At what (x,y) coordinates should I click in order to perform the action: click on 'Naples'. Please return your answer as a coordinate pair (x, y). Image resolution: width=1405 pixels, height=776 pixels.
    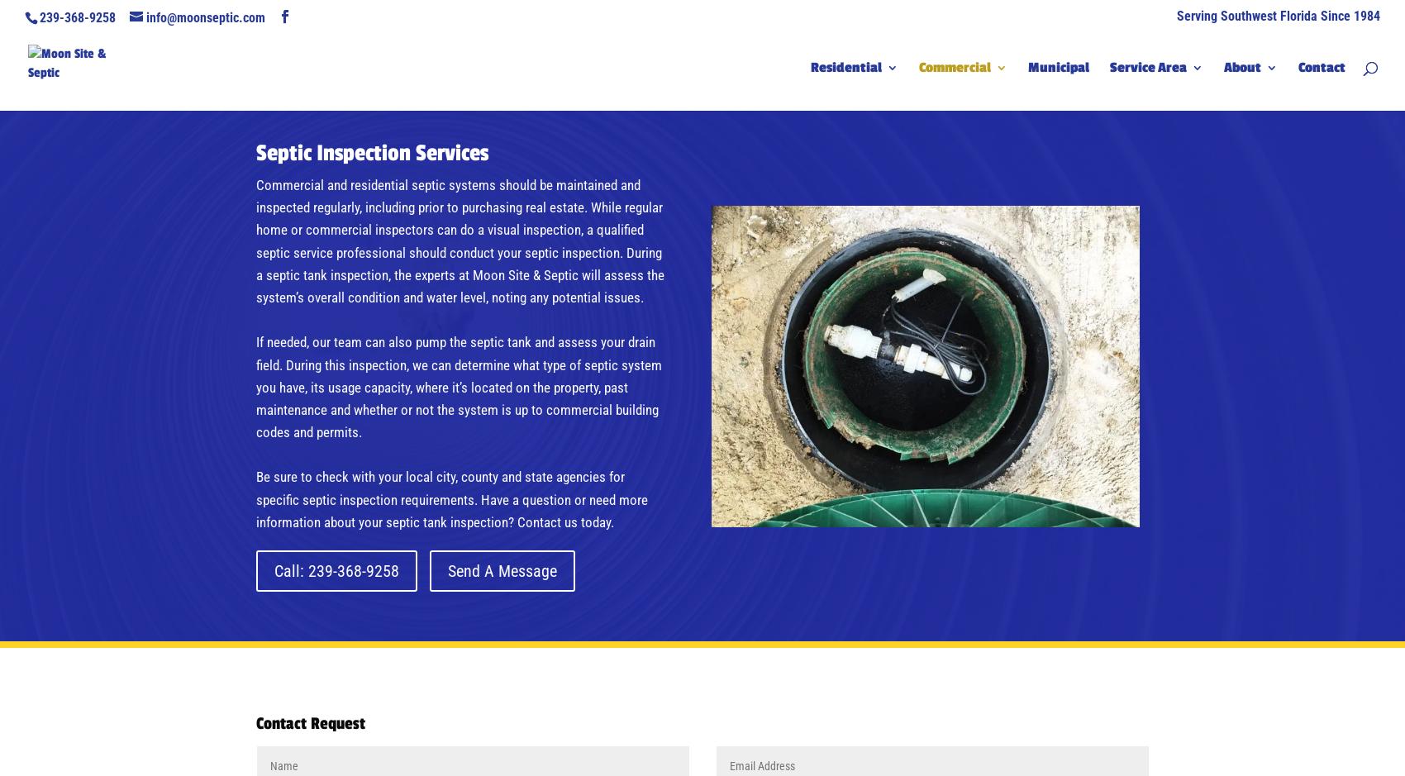
    Looking at the image, I should click on (1162, 179).